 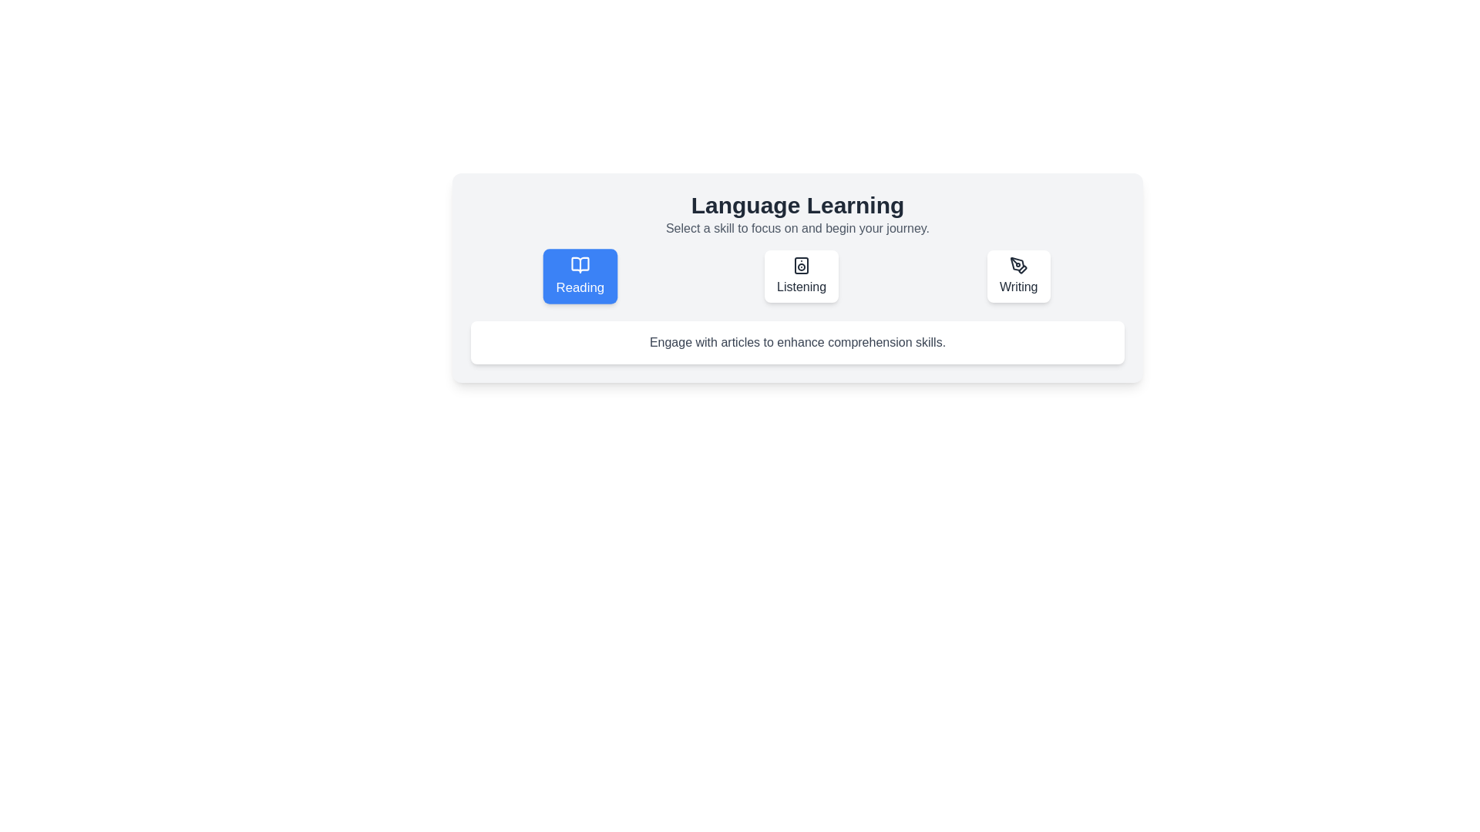 What do you see at coordinates (798, 275) in the screenshot?
I see `the 'Listening' button, which is the second button in a horizontal row of three, featuring a light white background and dark gray text` at bounding box center [798, 275].